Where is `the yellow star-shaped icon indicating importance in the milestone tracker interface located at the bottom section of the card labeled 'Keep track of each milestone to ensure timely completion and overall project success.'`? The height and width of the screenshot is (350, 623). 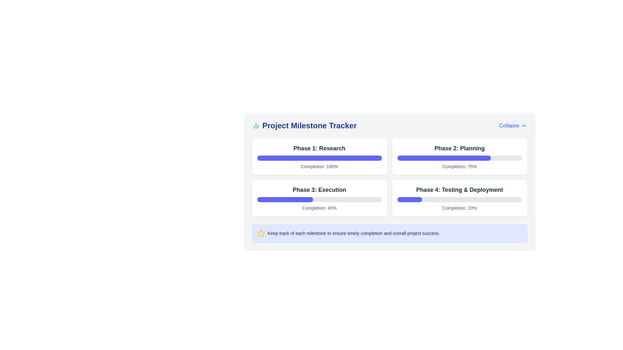
the yellow star-shaped icon indicating importance in the milestone tracker interface located at the bottom section of the card labeled 'Keep track of each milestone to ensure timely completion and overall project success.' is located at coordinates (261, 233).